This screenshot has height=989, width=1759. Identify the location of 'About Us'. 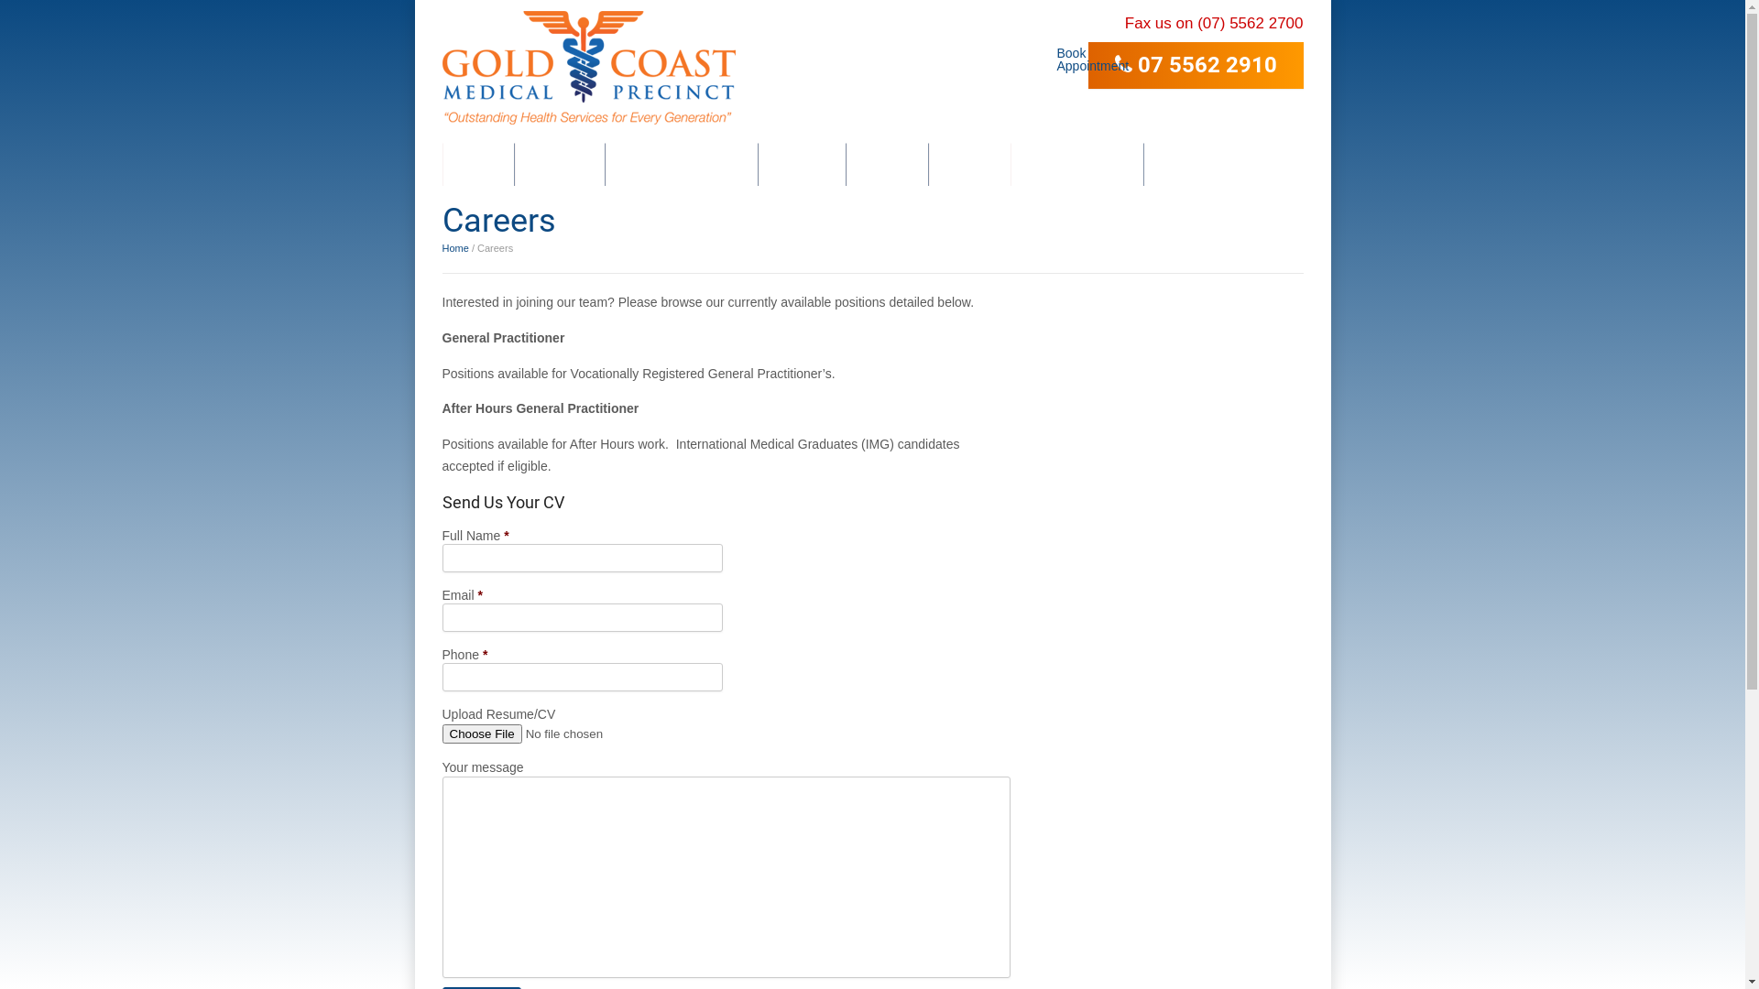
(559, 163).